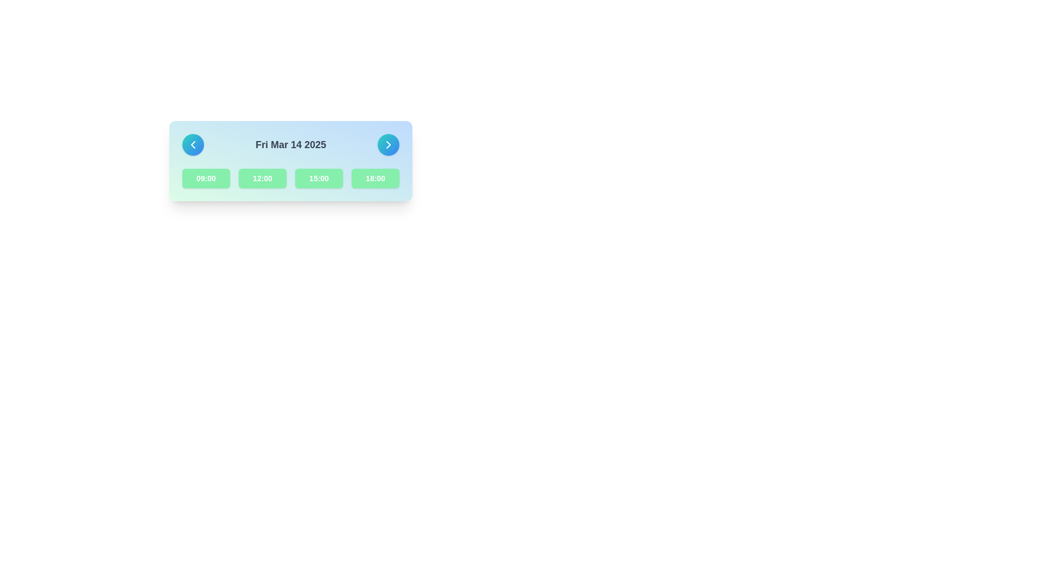  Describe the element at coordinates (388, 144) in the screenshot. I see `the chevron-shaped right arrow icon located within the rounded button on the right end of the horizontal panel` at that location.